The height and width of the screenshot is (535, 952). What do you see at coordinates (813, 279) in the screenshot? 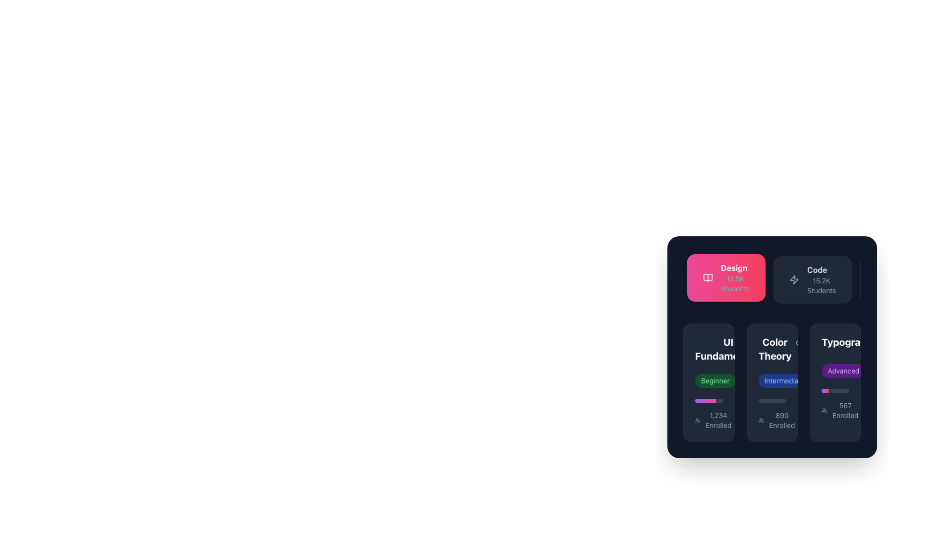
I see `the card representing the 'Code' category, which is the second card in a horizontal list of selectable categories` at bounding box center [813, 279].